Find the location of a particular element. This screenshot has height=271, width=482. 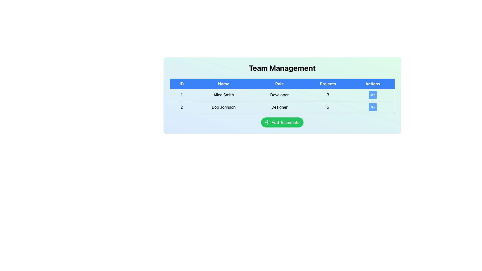

on the text element in the second row of the 'Projects' column of the table, which indicates the number of projects associated with 'Bob Johnson', a Designer is located at coordinates (328, 107).